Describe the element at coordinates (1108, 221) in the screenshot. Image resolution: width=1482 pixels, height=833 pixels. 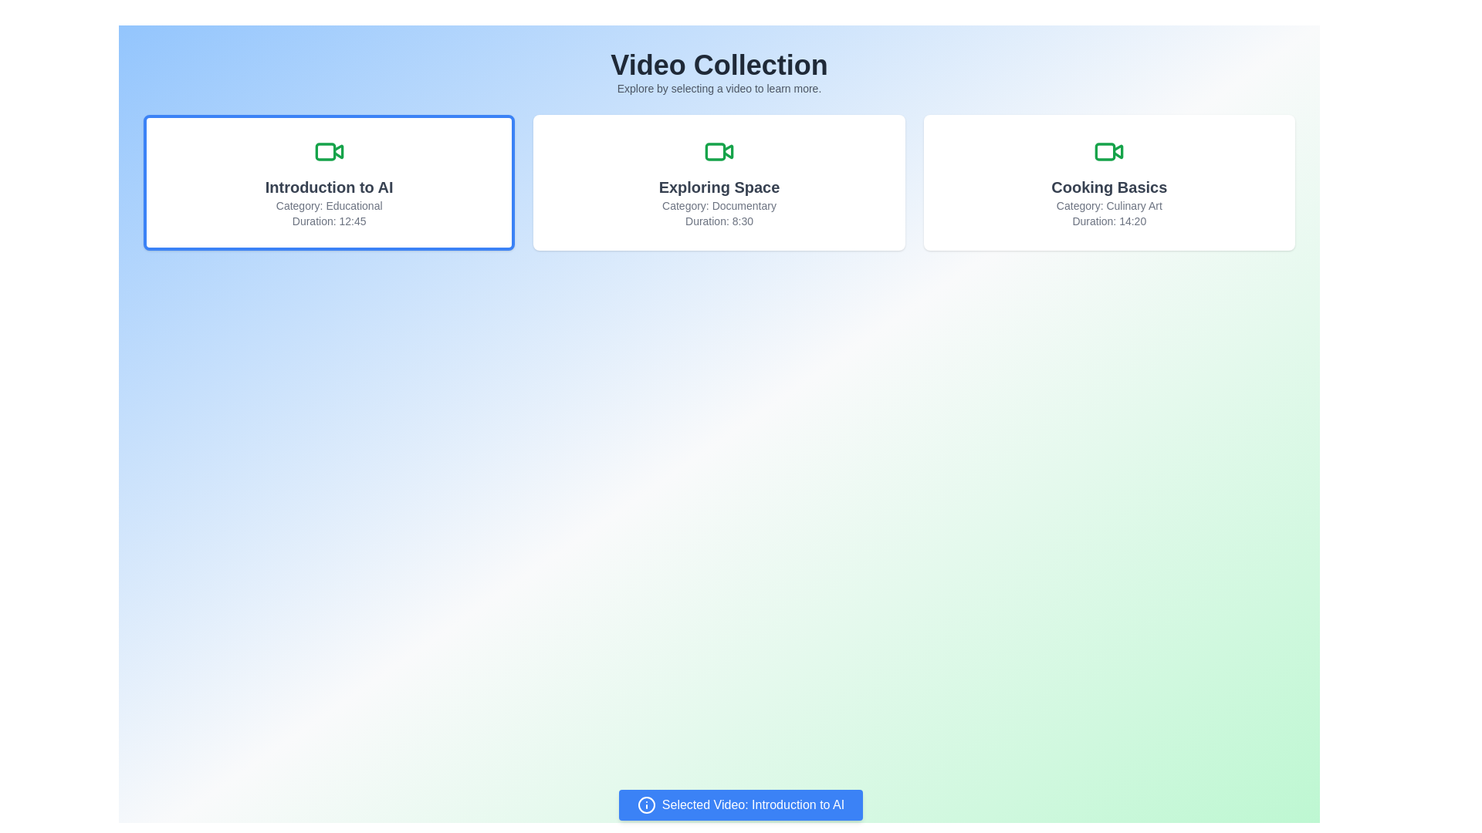
I see `the Text label that displays the duration of the video titled 'Cooking Basics', located at the bottom-right corner of the 'Cooking Basics' card` at that location.